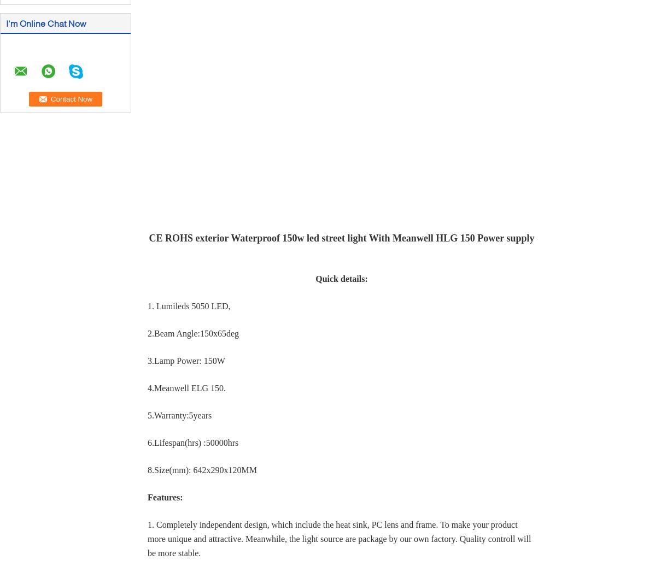  Describe the element at coordinates (149, 56) in the screenshot. I see `'SUBMIT'` at that location.